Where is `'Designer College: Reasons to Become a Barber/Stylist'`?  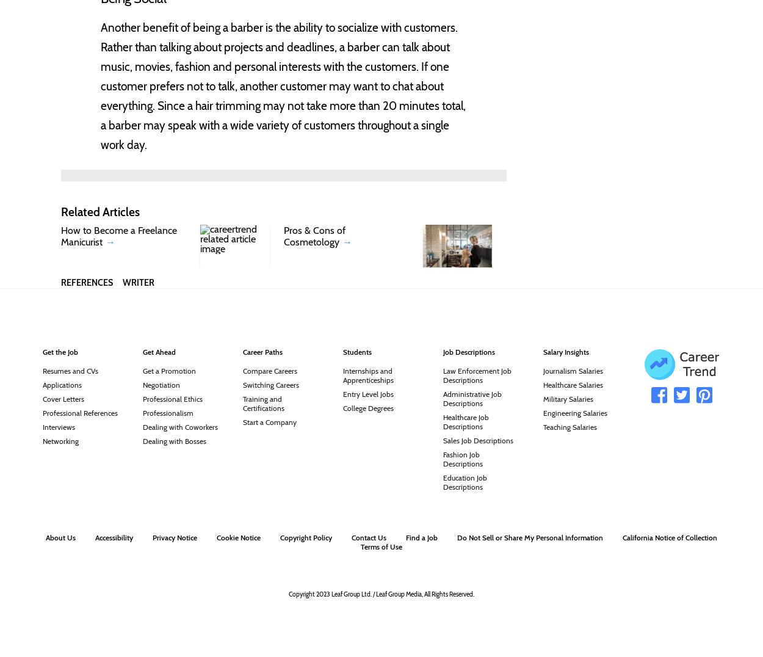 'Designer College: Reasons to Become a Barber/Stylist' is located at coordinates (95, 312).